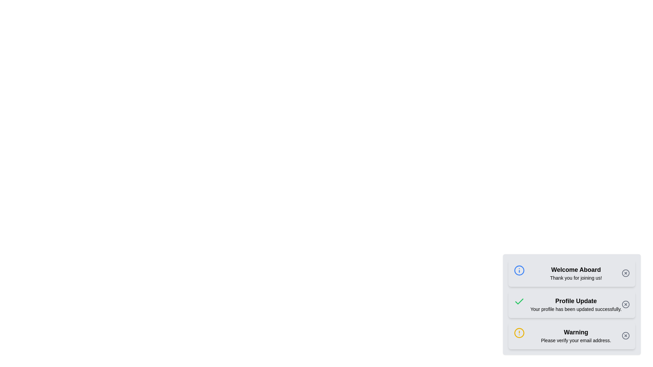 Image resolution: width=653 pixels, height=367 pixels. I want to click on the circular 'X' close button located in the right side of the 'Welcome Aboard' notification box, so click(625, 273).